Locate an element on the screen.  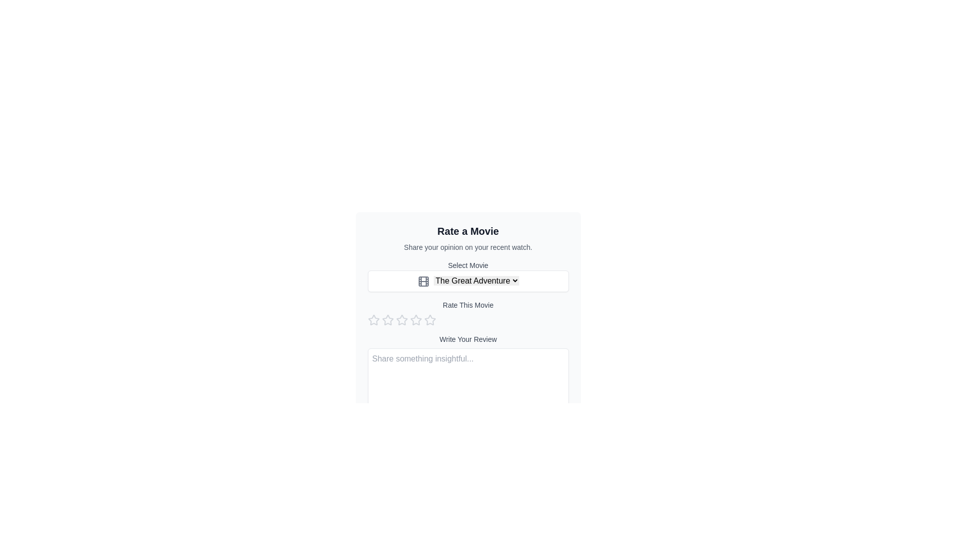
the third star icon from the left in the 'Rate This Movie' section is located at coordinates (416, 320).